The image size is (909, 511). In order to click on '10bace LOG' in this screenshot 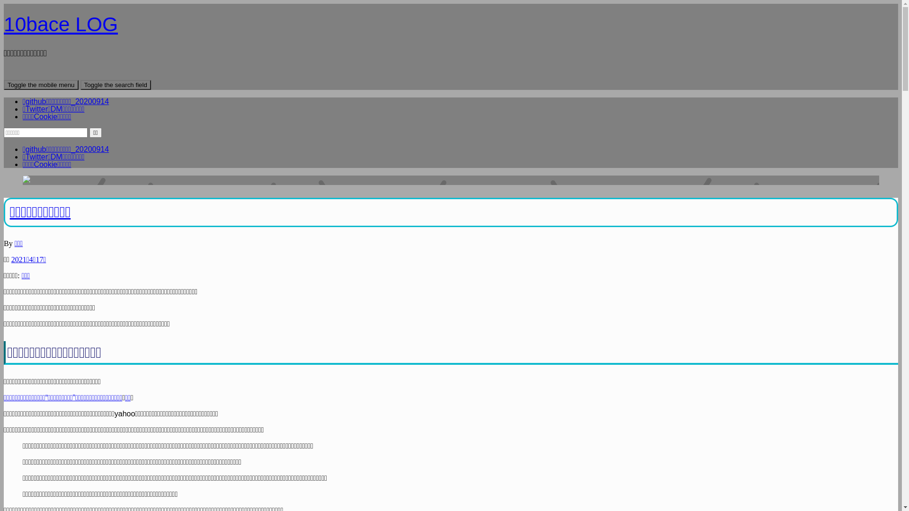, I will do `click(4, 24)`.